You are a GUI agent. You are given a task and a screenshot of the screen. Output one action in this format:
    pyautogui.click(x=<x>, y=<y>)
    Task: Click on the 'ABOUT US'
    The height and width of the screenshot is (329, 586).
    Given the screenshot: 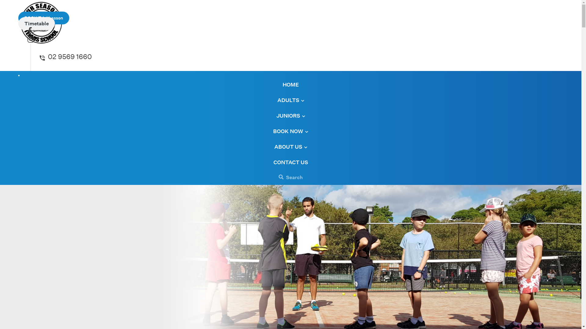 What is the action you would take?
    pyautogui.click(x=290, y=147)
    